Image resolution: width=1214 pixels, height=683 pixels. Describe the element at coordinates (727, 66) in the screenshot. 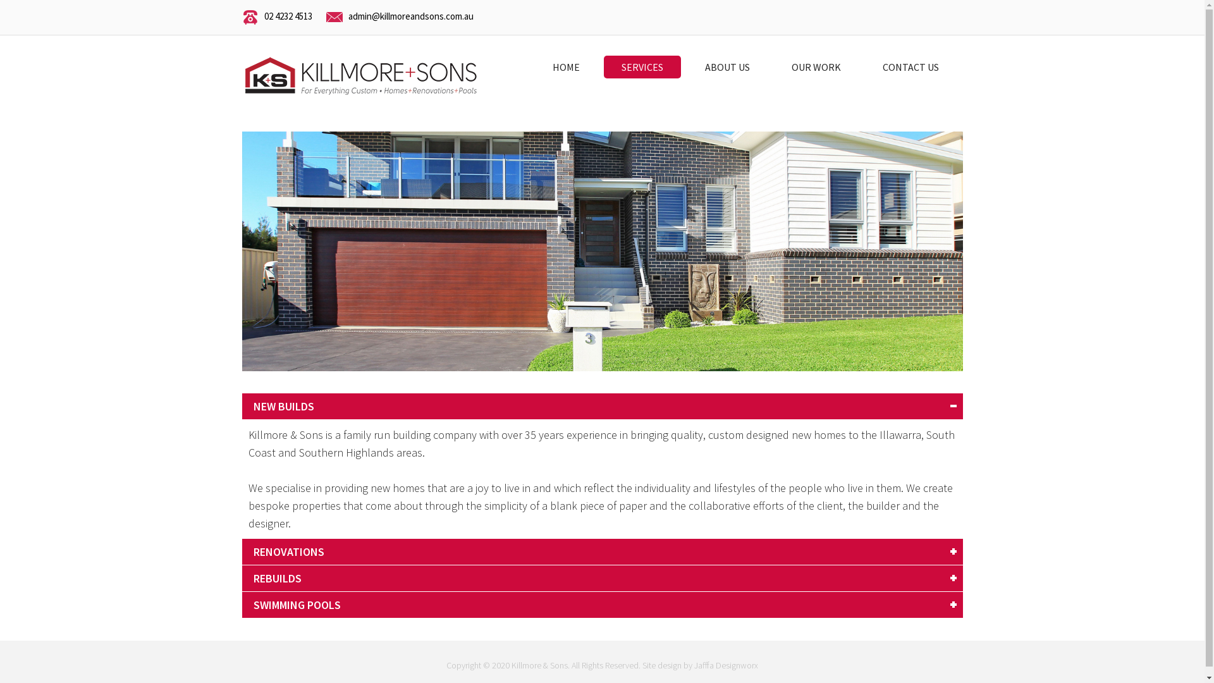

I see `'ABOUT US'` at that location.